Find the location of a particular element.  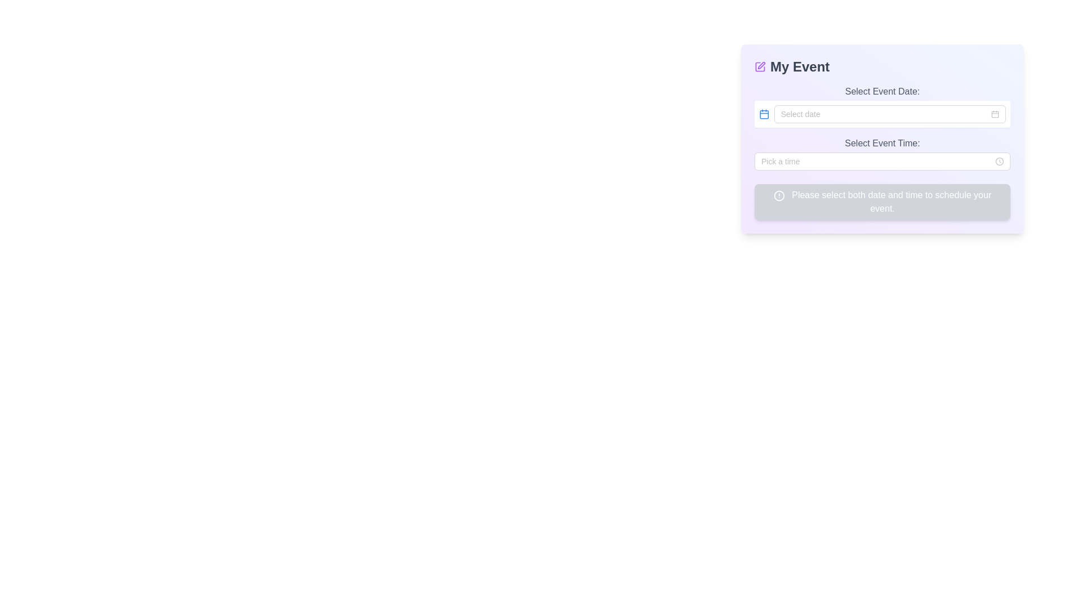

the Date picker input field in the 'Select Event Date:' section of the 'My Event' form is located at coordinates (889, 114).